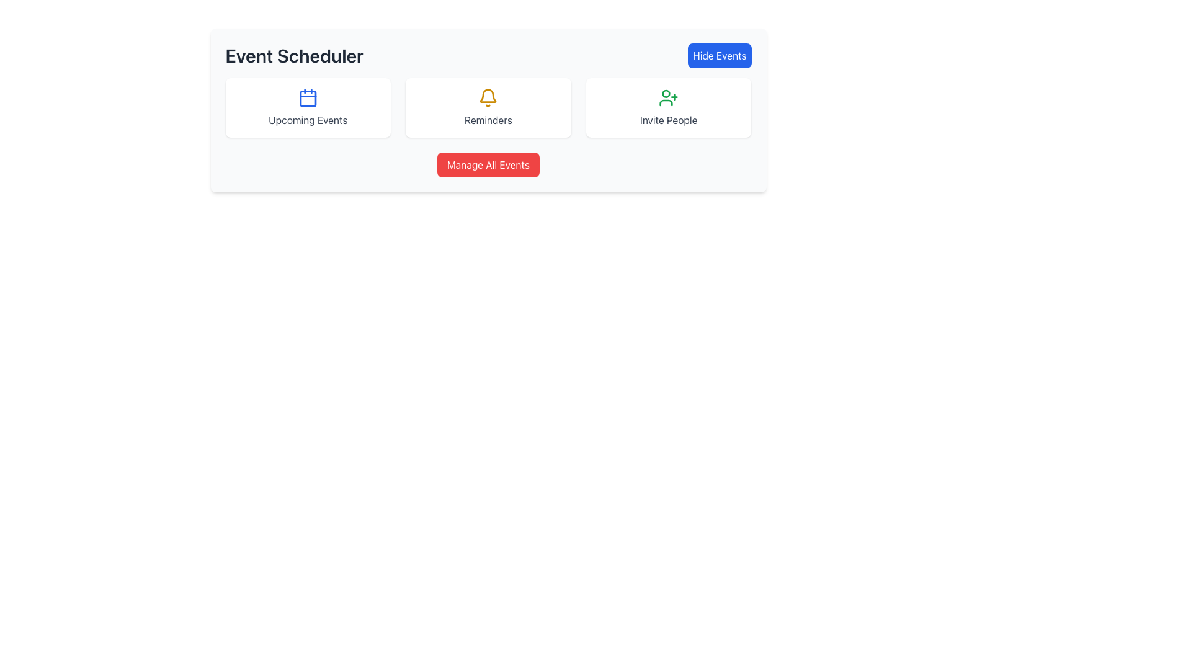 This screenshot has height=670, width=1191. What do you see at coordinates (488, 95) in the screenshot?
I see `the gold bell icon in the reminders panel of the Event Scheduler, which is located centrally between the 'Upcoming Events' and 'Invite People' sections` at bounding box center [488, 95].